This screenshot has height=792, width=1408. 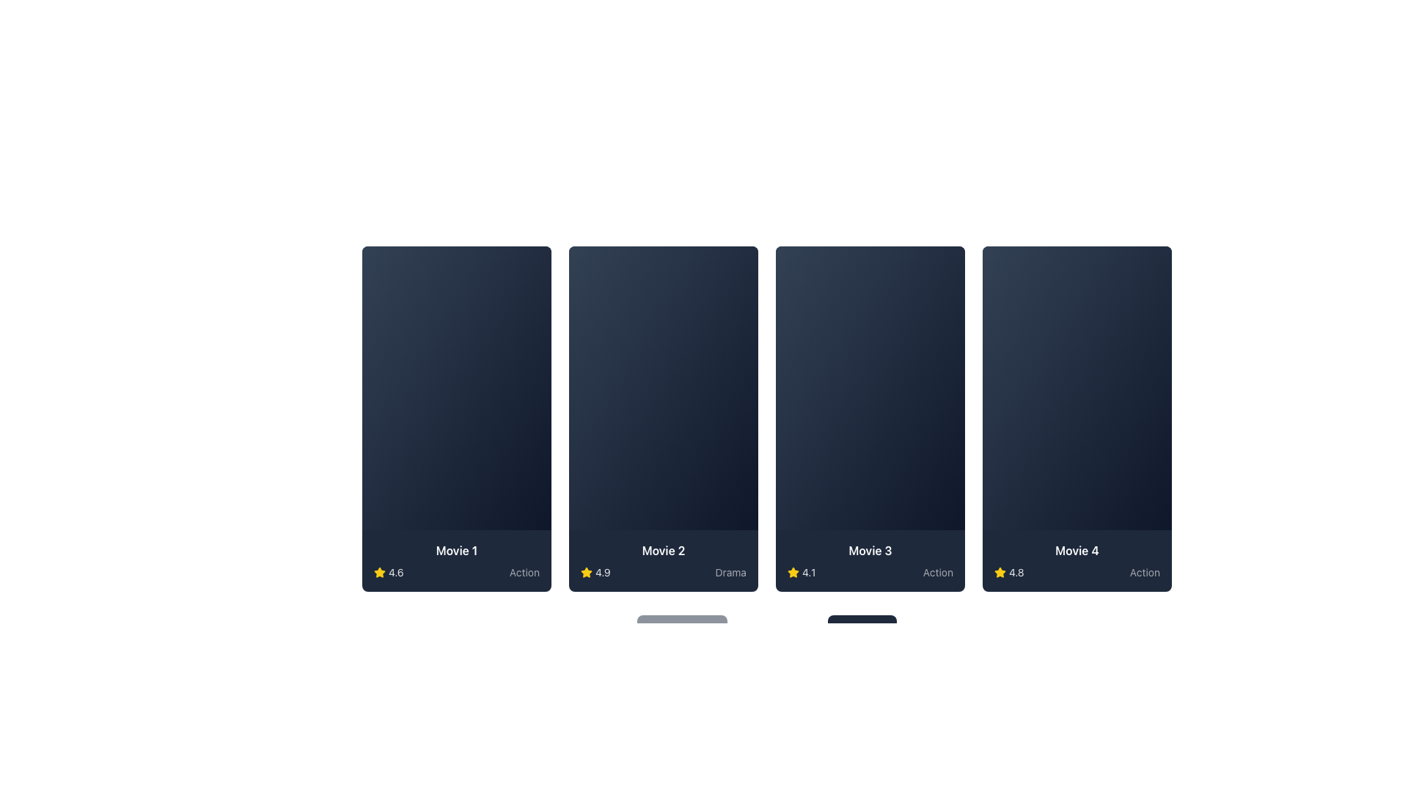 I want to click on the star icon representing a rating system for 'Movie 1', which is located next to the text '4.6', so click(x=380, y=571).